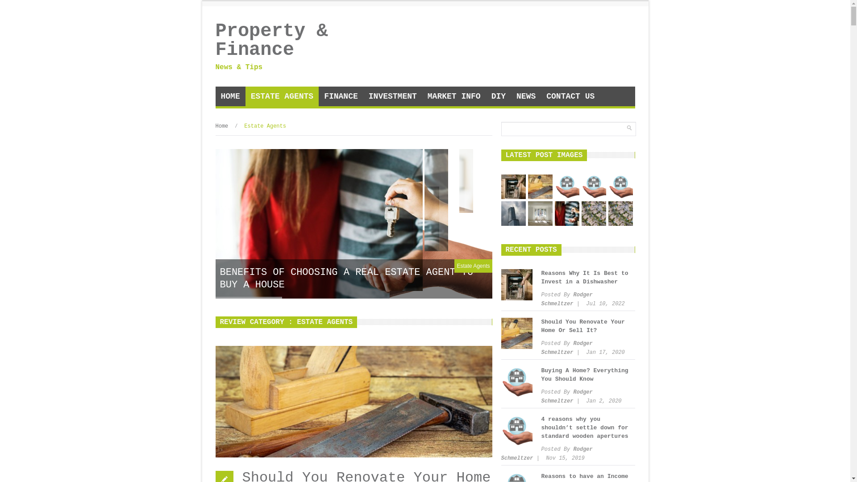  Describe the element at coordinates (340, 96) in the screenshot. I see `'FINANCE'` at that location.